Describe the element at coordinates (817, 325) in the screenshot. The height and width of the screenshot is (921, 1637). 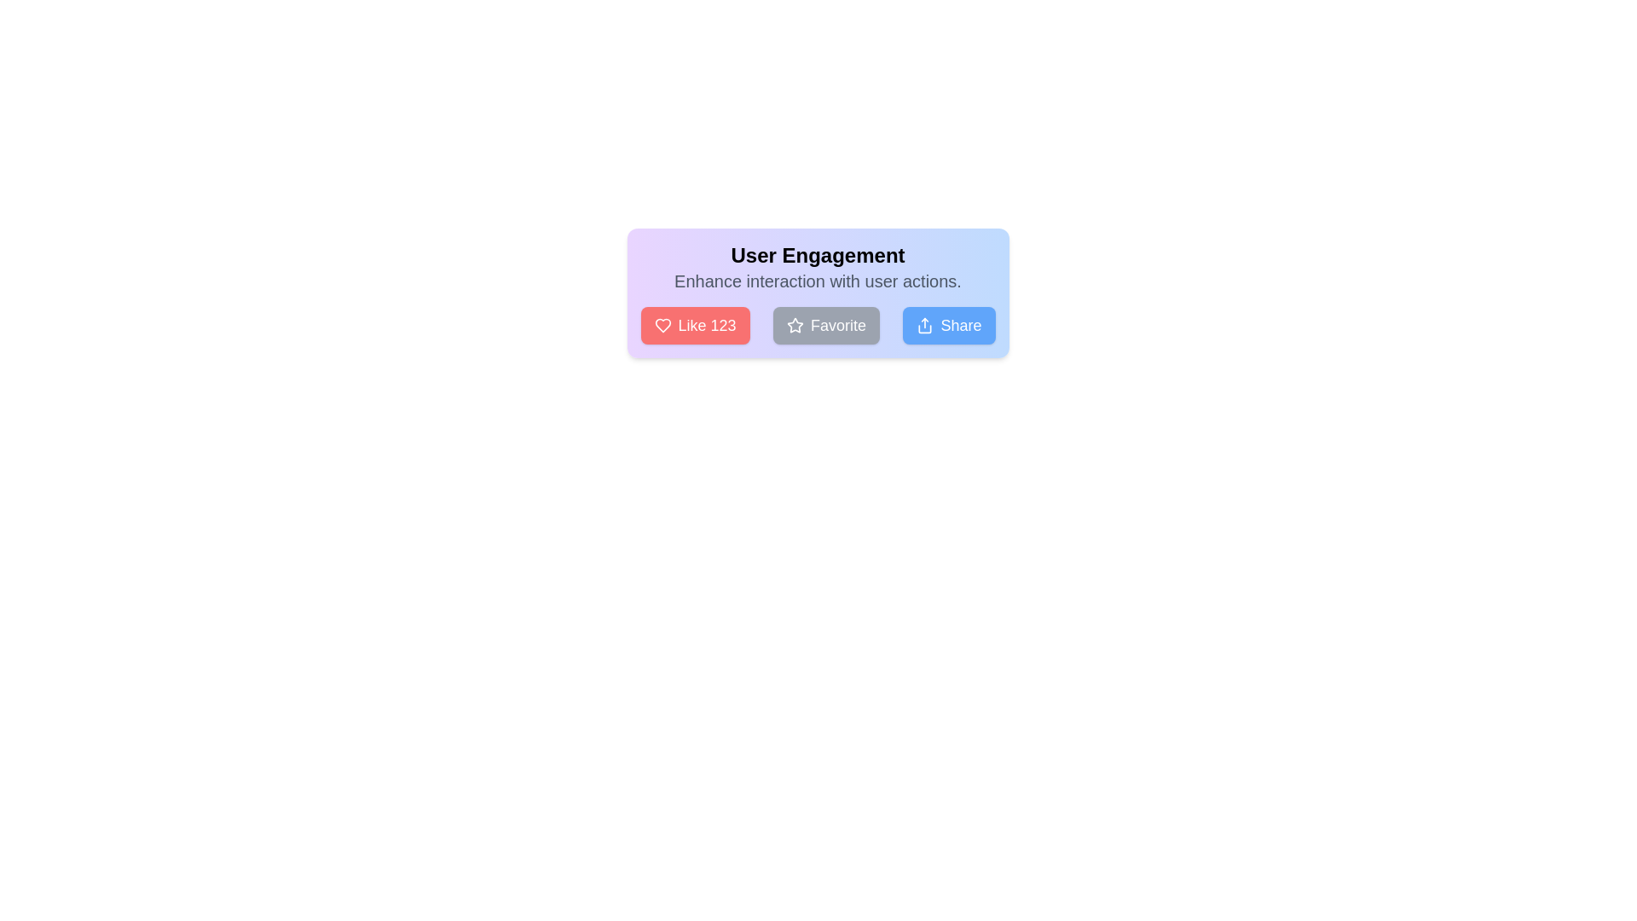
I see `the favorite button located at the center of the row of interactive buttons at the bottom of the card, which toggles the state to mark an item as favorite` at that location.